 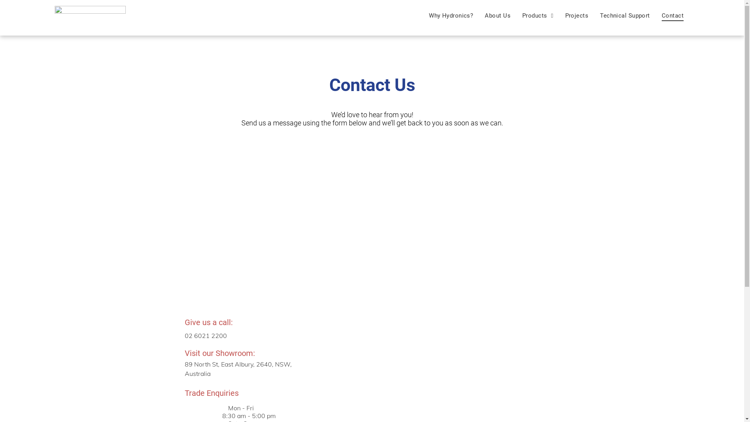 I want to click on 'Why Hydronics?', so click(x=423, y=15).